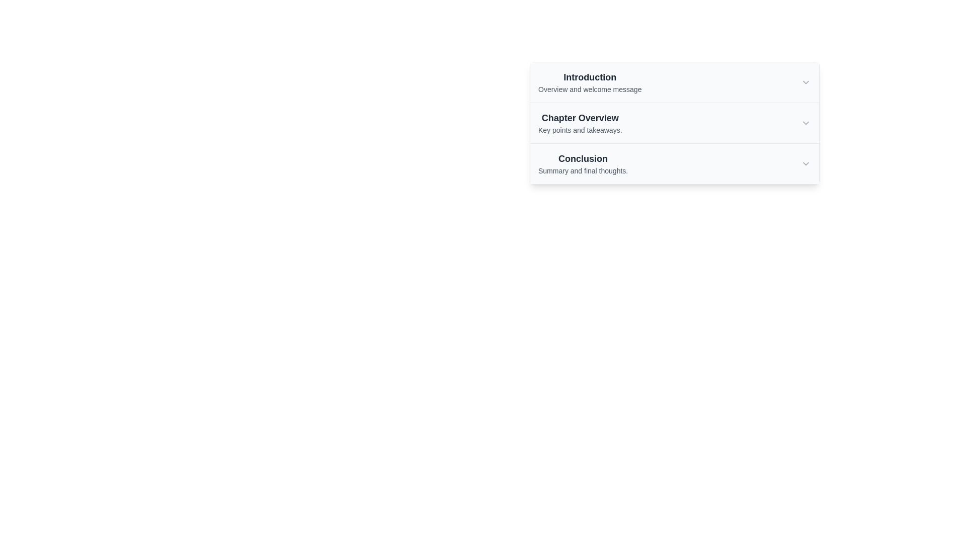 This screenshot has height=543, width=966. I want to click on the gray downward chevron SVG icon located at the right edge of the 'Introduction' section header, so click(806, 82).